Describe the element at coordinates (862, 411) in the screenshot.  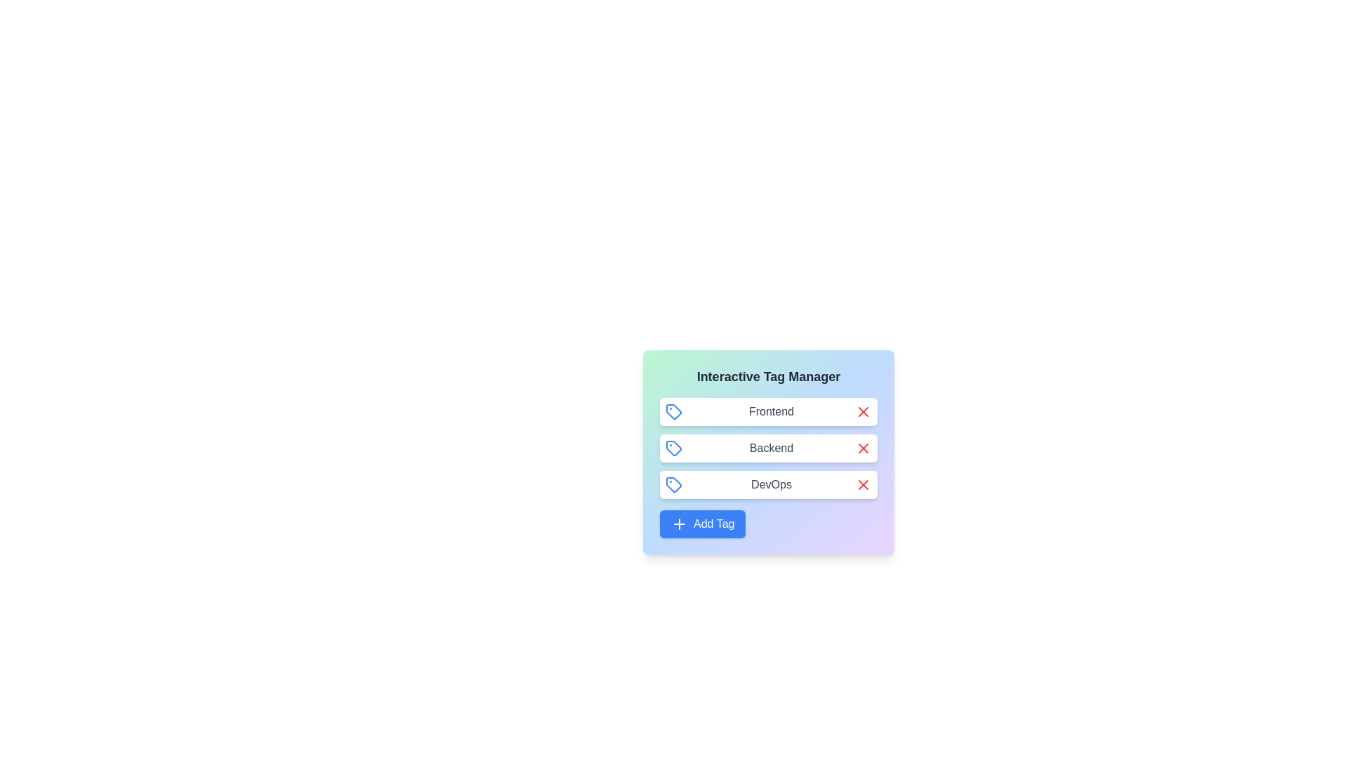
I see `'X' button of the tag labeled Frontend to remove it` at that location.